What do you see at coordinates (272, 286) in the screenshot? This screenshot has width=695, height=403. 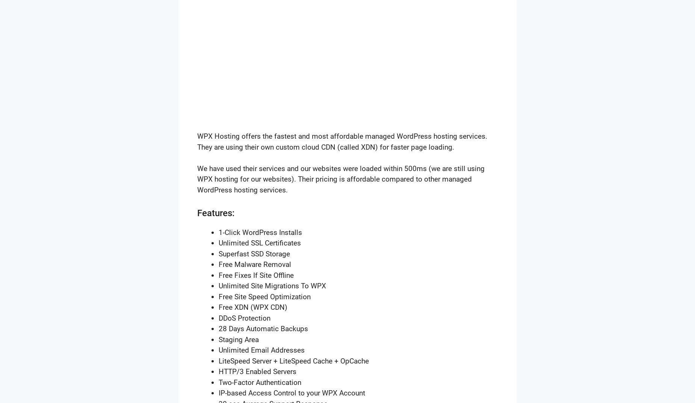 I see `'Unlimited Site Migrations To WPX'` at bounding box center [272, 286].